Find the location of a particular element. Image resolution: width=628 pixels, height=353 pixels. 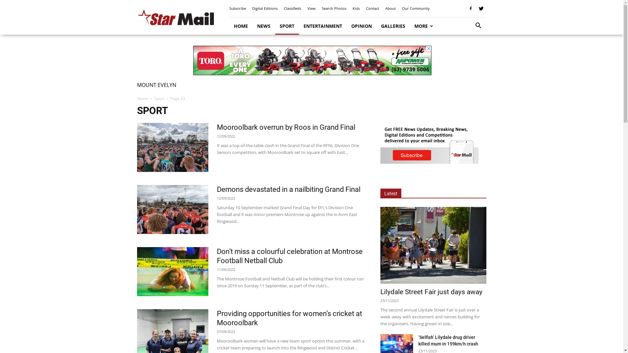

'GALLERIES' is located at coordinates (392, 25).